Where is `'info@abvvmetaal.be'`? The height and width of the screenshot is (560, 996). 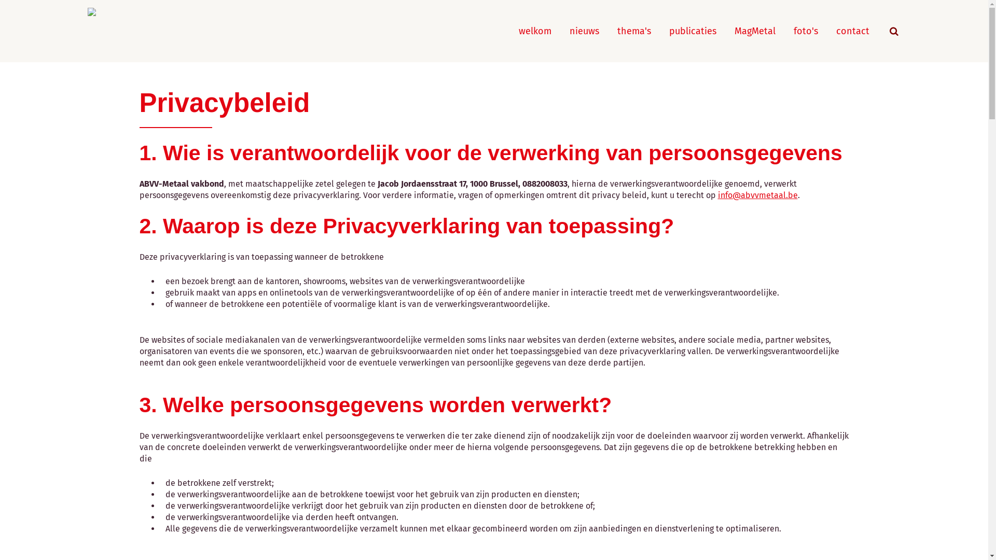
'info@abvvmetaal.be' is located at coordinates (757, 195).